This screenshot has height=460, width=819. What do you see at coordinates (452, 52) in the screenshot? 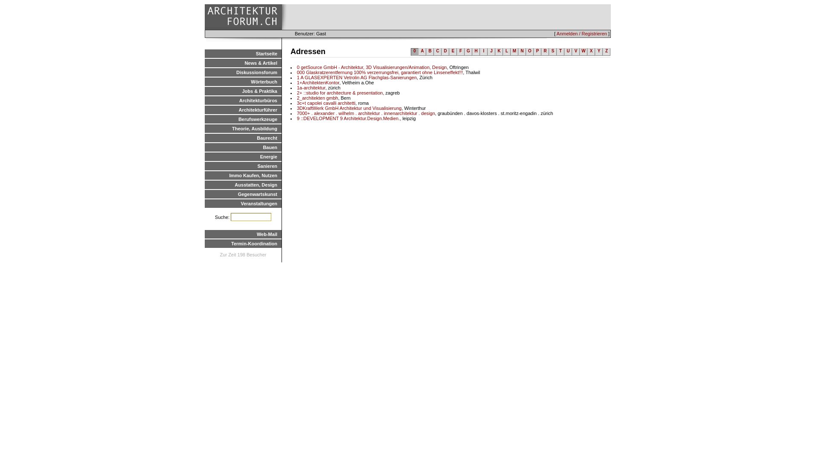
I see `'E'` at bounding box center [452, 52].